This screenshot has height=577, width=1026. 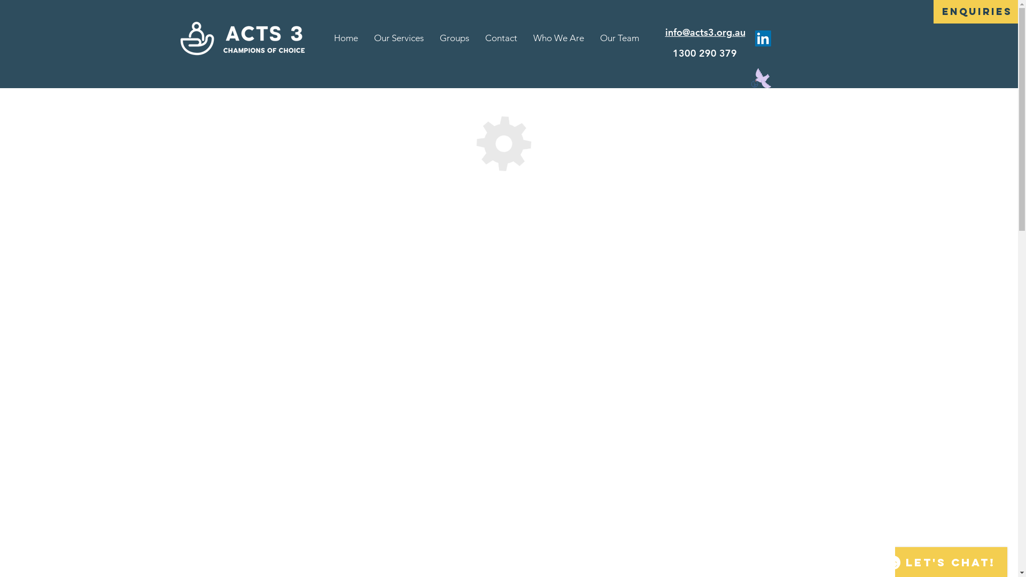 What do you see at coordinates (977, 12) in the screenshot?
I see `'ENQUIRIES'` at bounding box center [977, 12].